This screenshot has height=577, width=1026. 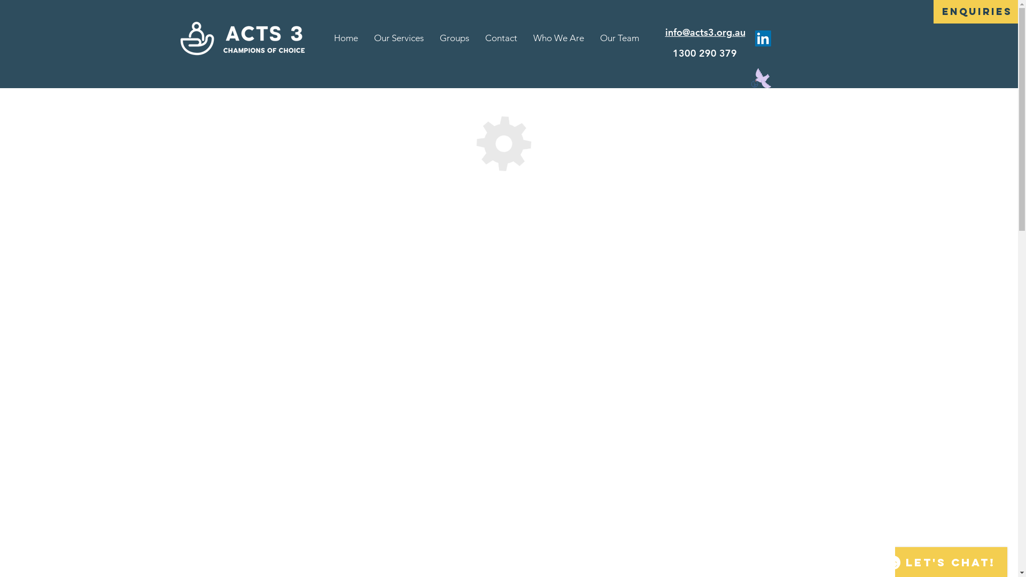 What do you see at coordinates (977, 12) in the screenshot?
I see `'ENQUIRIES'` at bounding box center [977, 12].